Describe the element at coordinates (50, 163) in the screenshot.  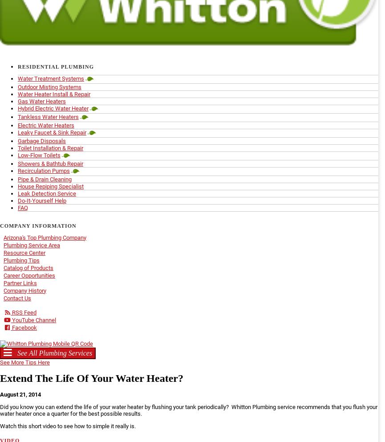
I see `'Showers & Bathtub Repair'` at that location.